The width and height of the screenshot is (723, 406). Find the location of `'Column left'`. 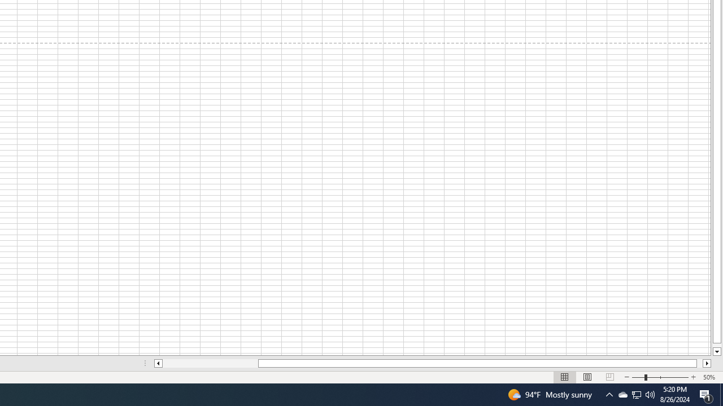

'Column left' is located at coordinates (157, 363).